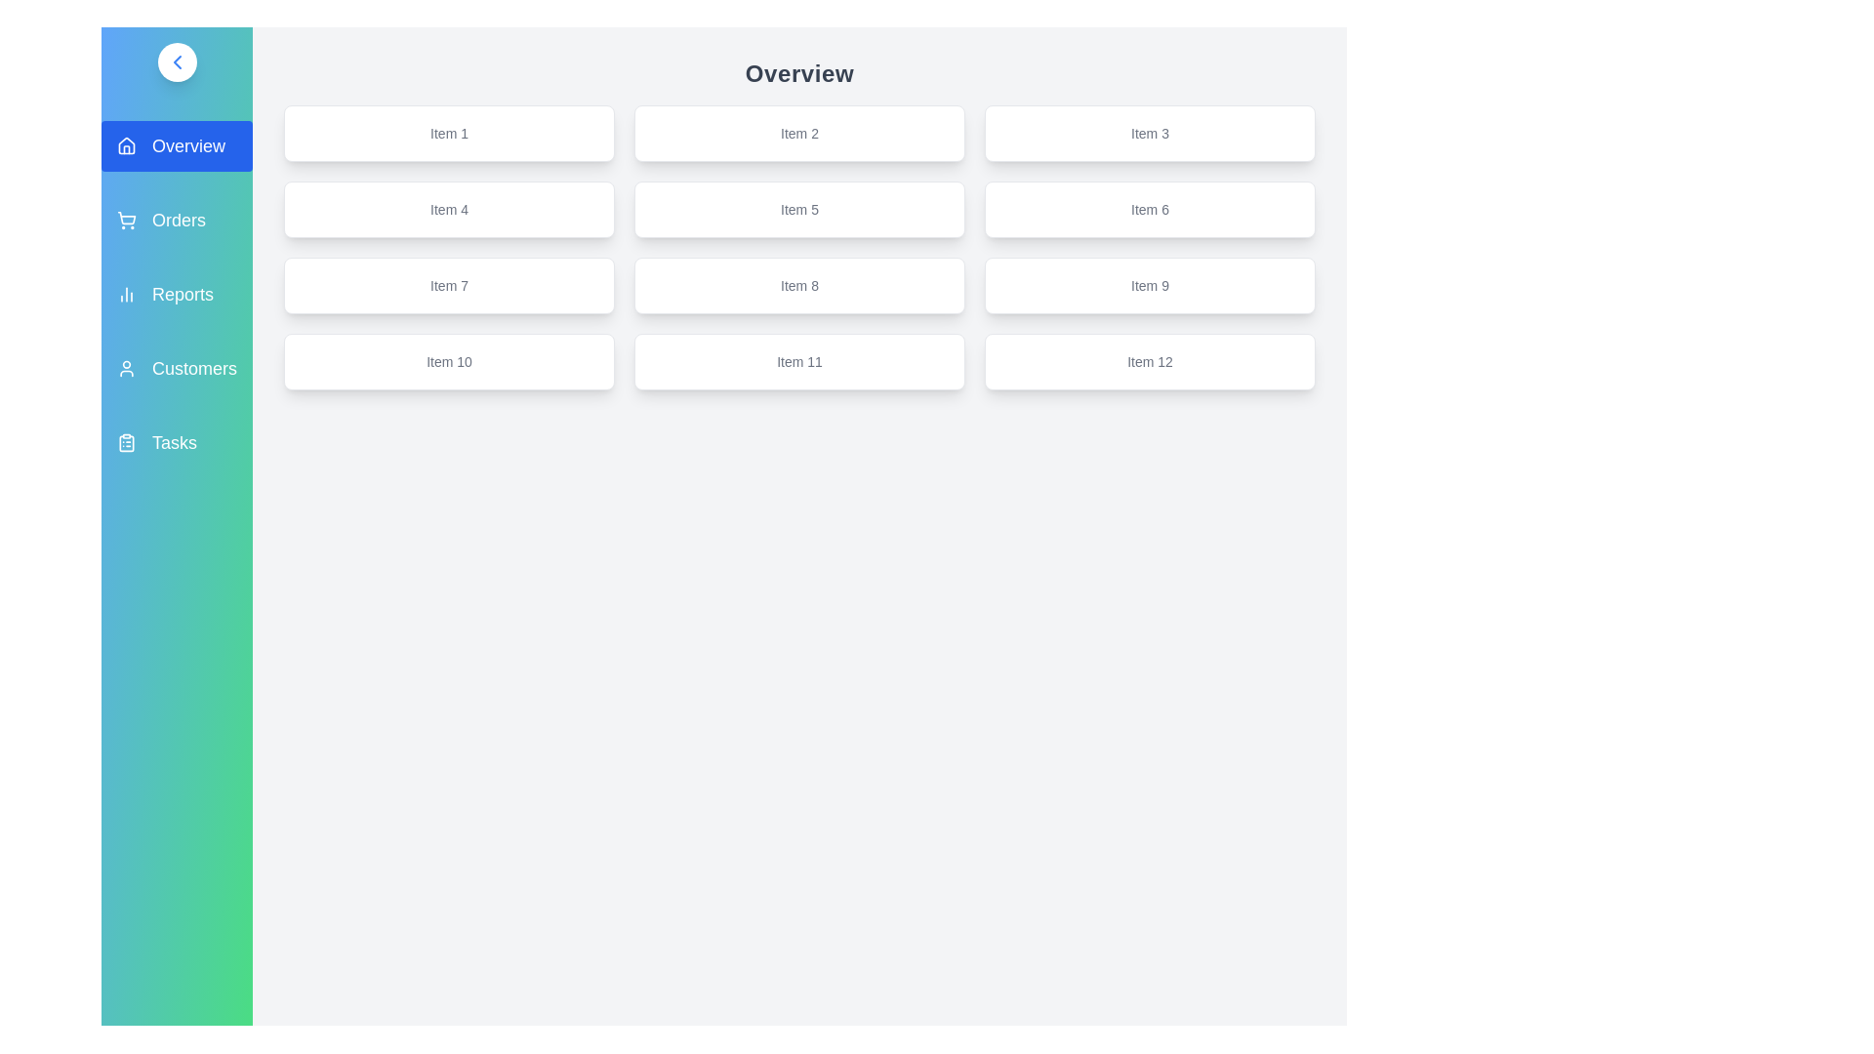 The image size is (1874, 1054). What do you see at coordinates (177, 294) in the screenshot?
I see `the sidebar menu item labeled Reports` at bounding box center [177, 294].